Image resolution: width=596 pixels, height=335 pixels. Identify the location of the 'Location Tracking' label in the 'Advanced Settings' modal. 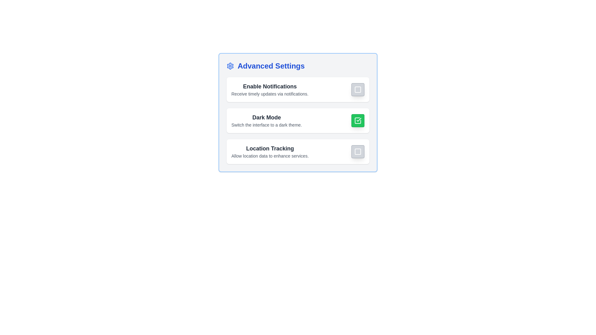
(270, 148).